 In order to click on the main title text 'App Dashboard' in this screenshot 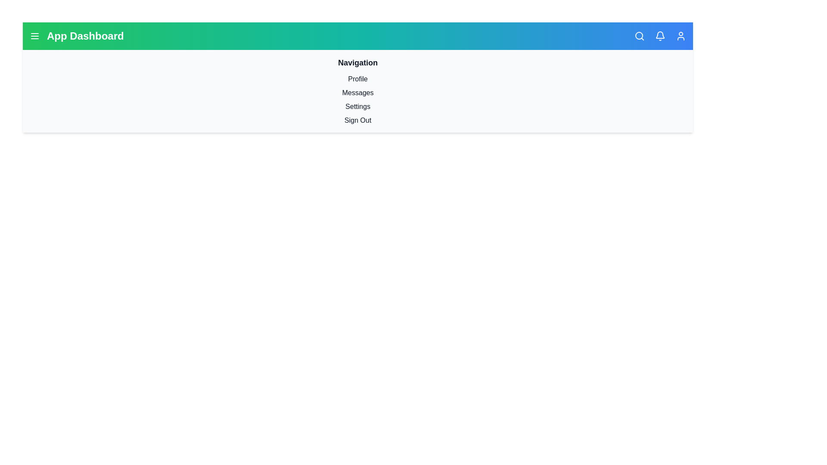, I will do `click(85, 36)`.